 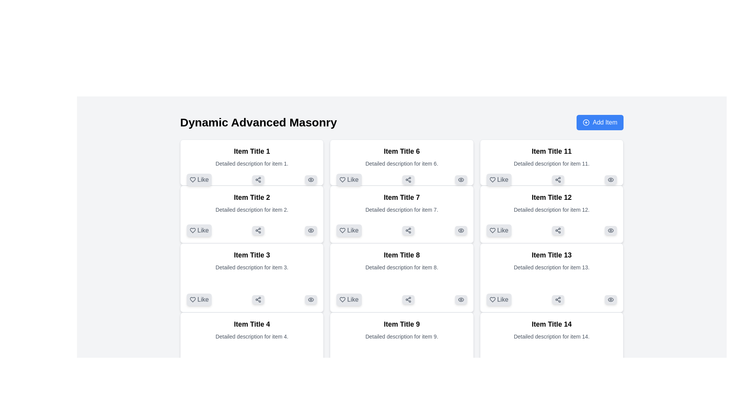 I want to click on the heart-shaped 'like' icon located in the bottom section of the card titled 'Item Title 7', which is the first card in the second row of the grid layout, so click(x=342, y=230).